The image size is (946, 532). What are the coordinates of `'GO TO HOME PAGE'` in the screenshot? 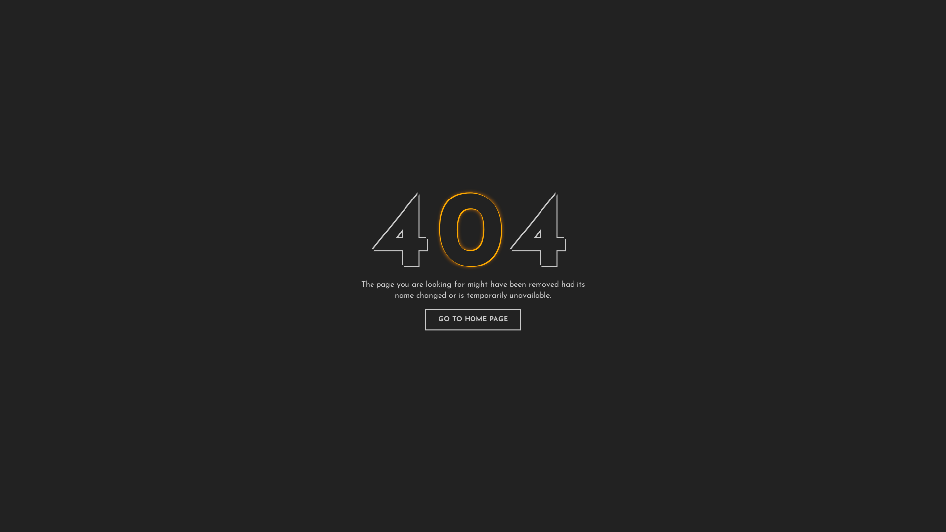 It's located at (472, 319).